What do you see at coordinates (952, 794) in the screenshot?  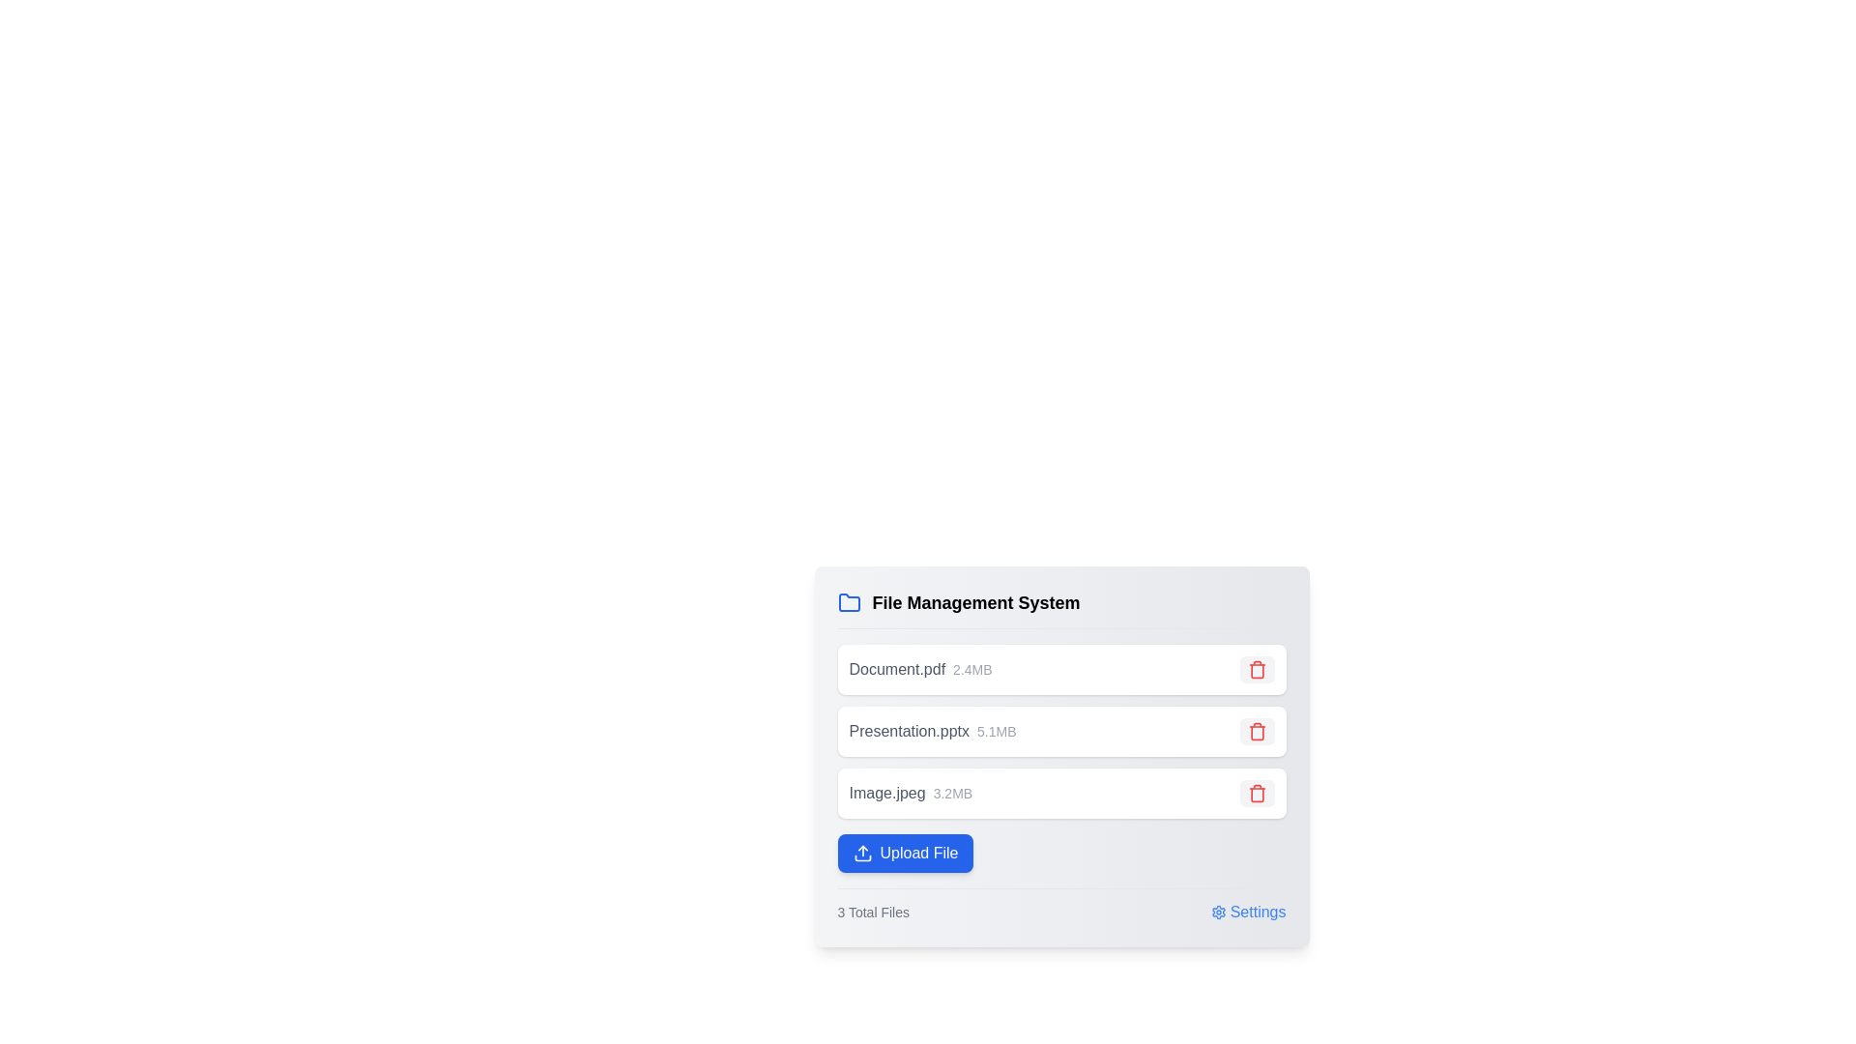 I see `the static text label displaying the size of the file 'Image.jpeg', which is positioned to the right of the file name in the row` at bounding box center [952, 794].